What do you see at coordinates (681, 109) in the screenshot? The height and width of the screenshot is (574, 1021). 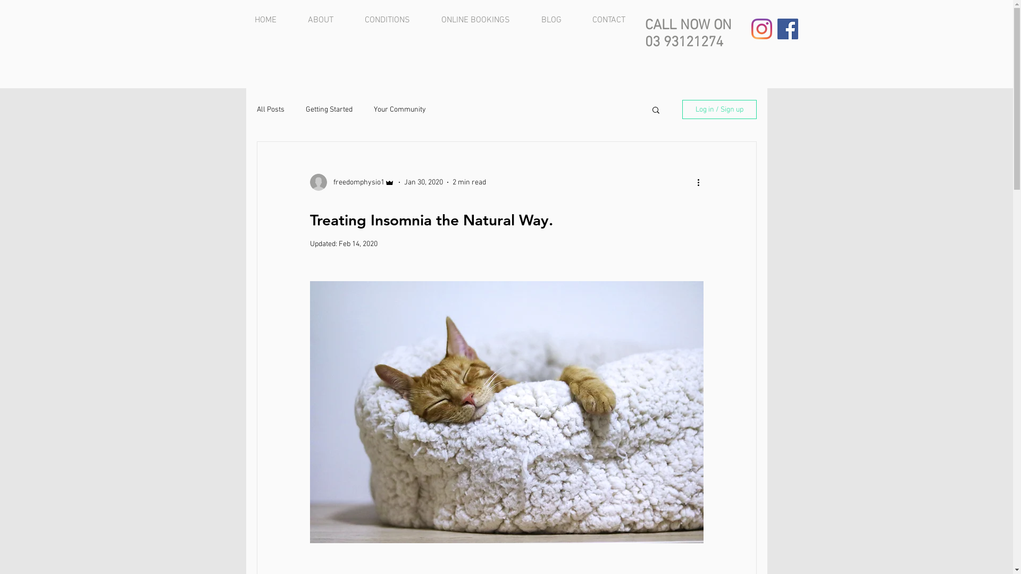 I see `'Log in / Sign up'` at bounding box center [681, 109].